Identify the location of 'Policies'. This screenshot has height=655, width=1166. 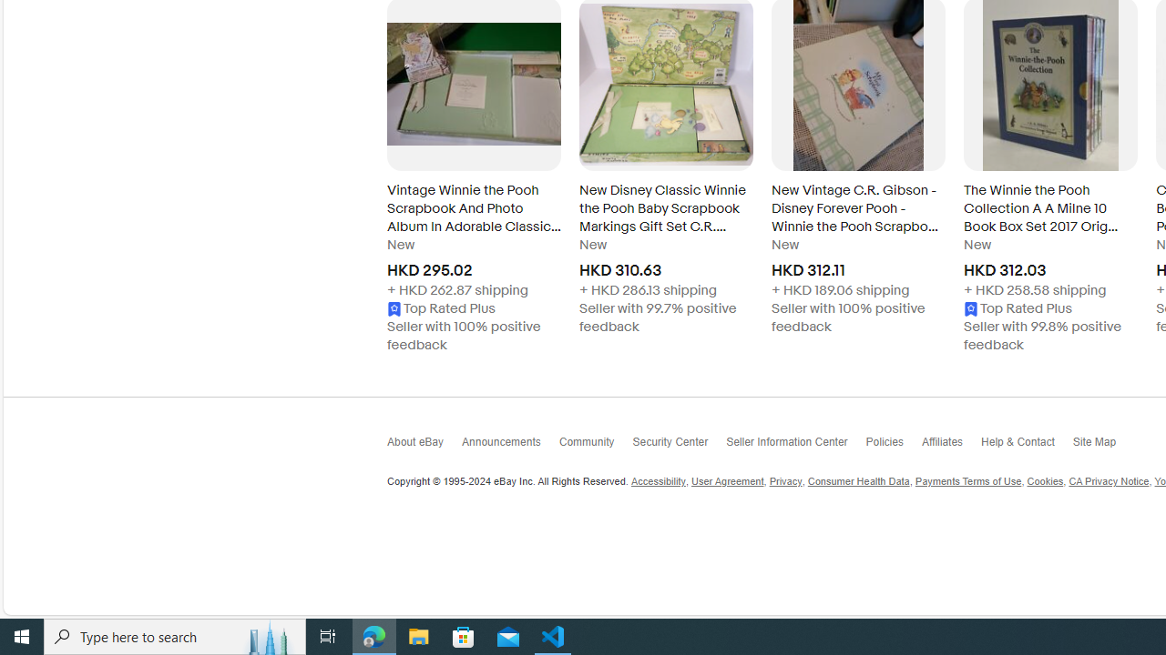
(894, 446).